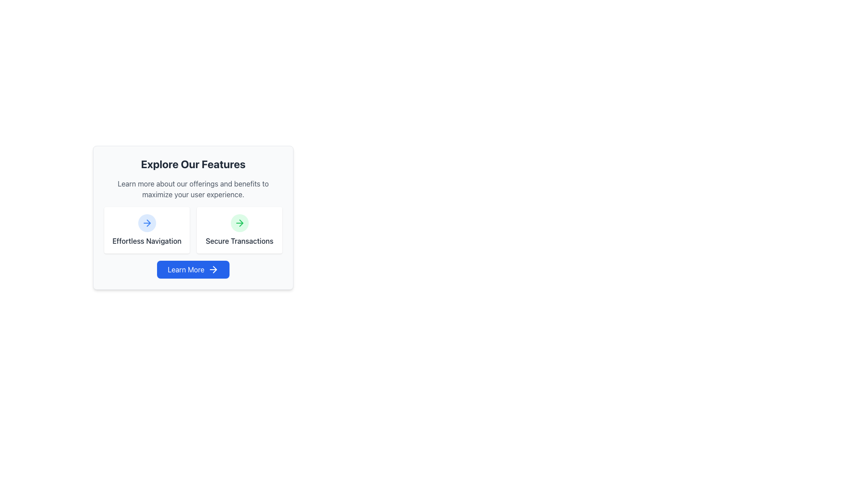 The image size is (859, 483). Describe the element at coordinates (147, 222) in the screenshot. I see `the Effortless Navigation arrow icon located in the left feature column of the Explore Our Features section, positioned above the text and aligned with the feature title` at that location.